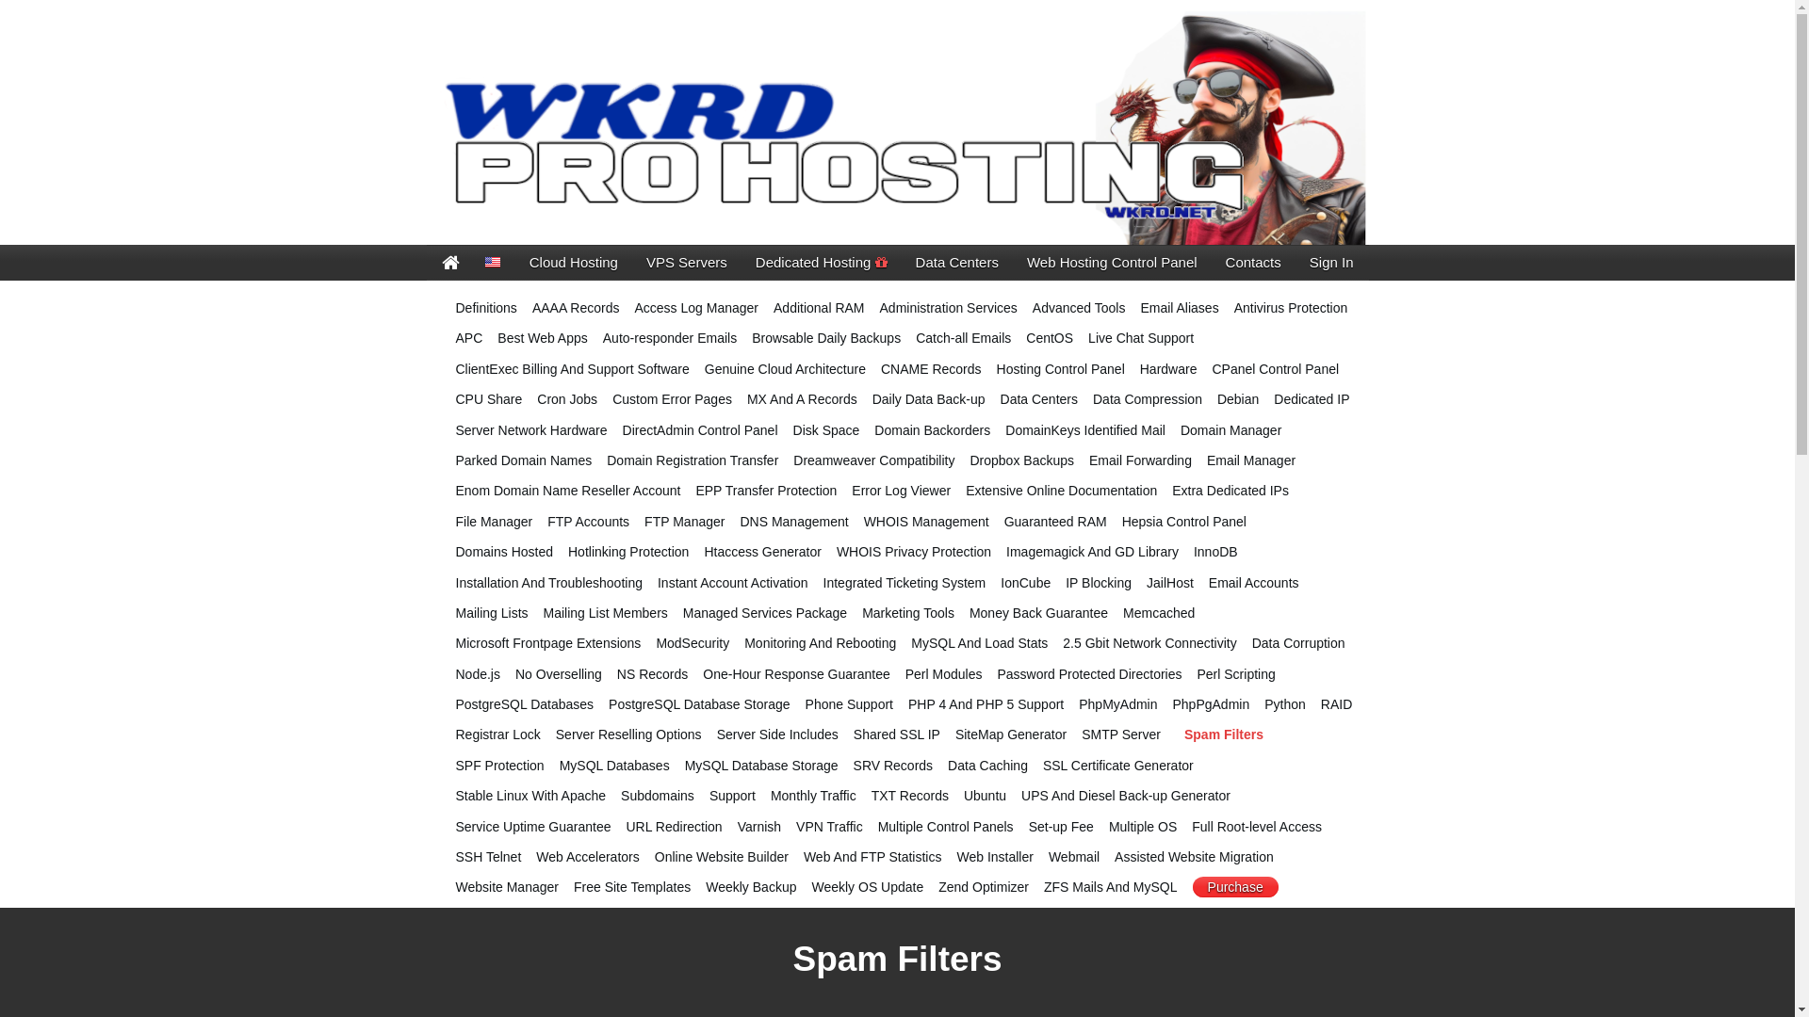 The width and height of the screenshot is (1809, 1017). Describe the element at coordinates (497, 336) in the screenshot. I see `'Best Web Apps'` at that location.